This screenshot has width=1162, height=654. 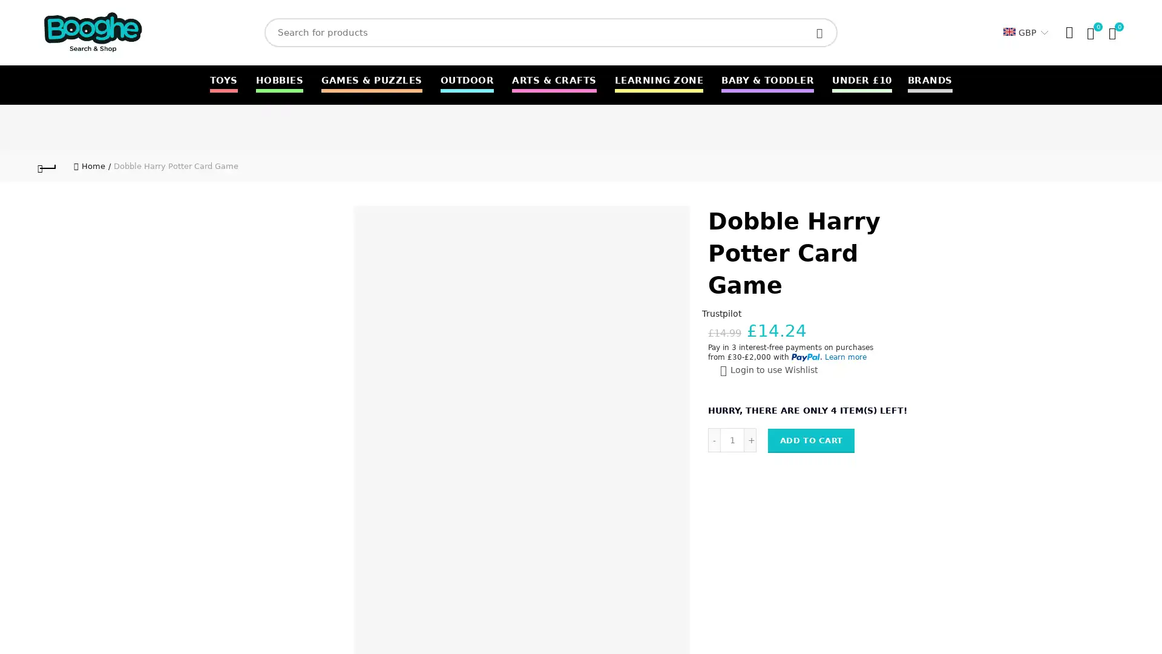 What do you see at coordinates (714, 439) in the screenshot?
I see `-` at bounding box center [714, 439].